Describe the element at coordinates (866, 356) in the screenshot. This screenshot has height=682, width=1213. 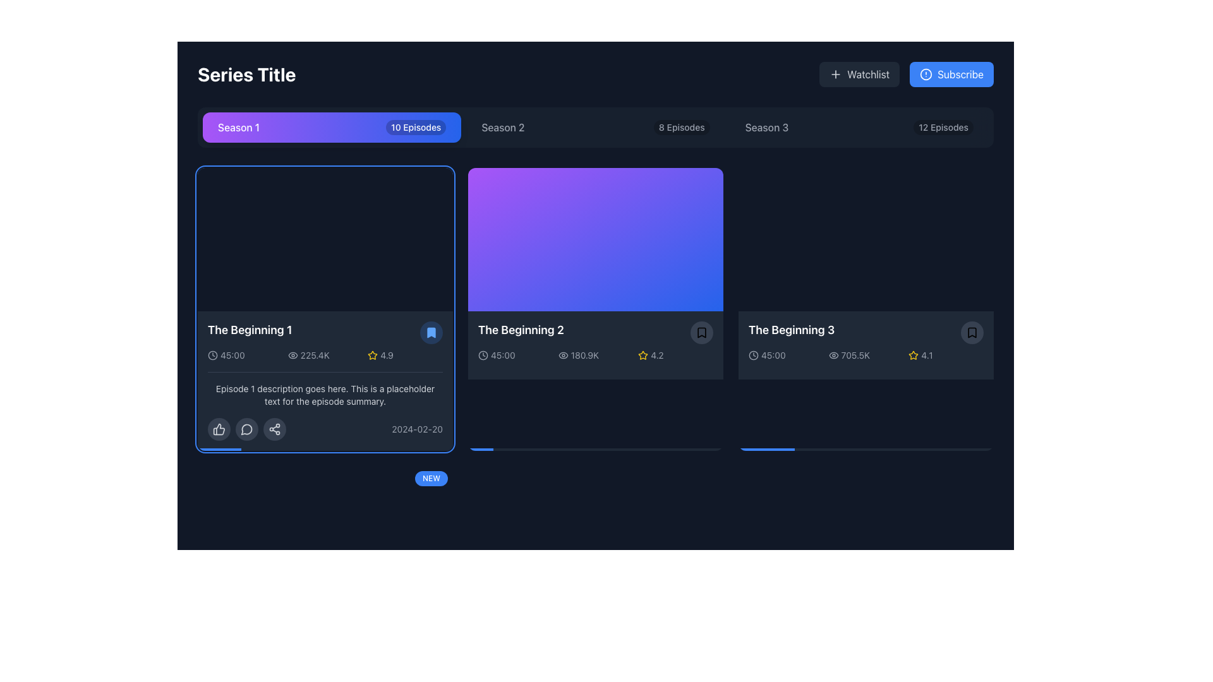
I see `the text label indicating the number of views for the episode titled 'The Beginning 3', which is located between the clock icon and the rating star icon` at that location.